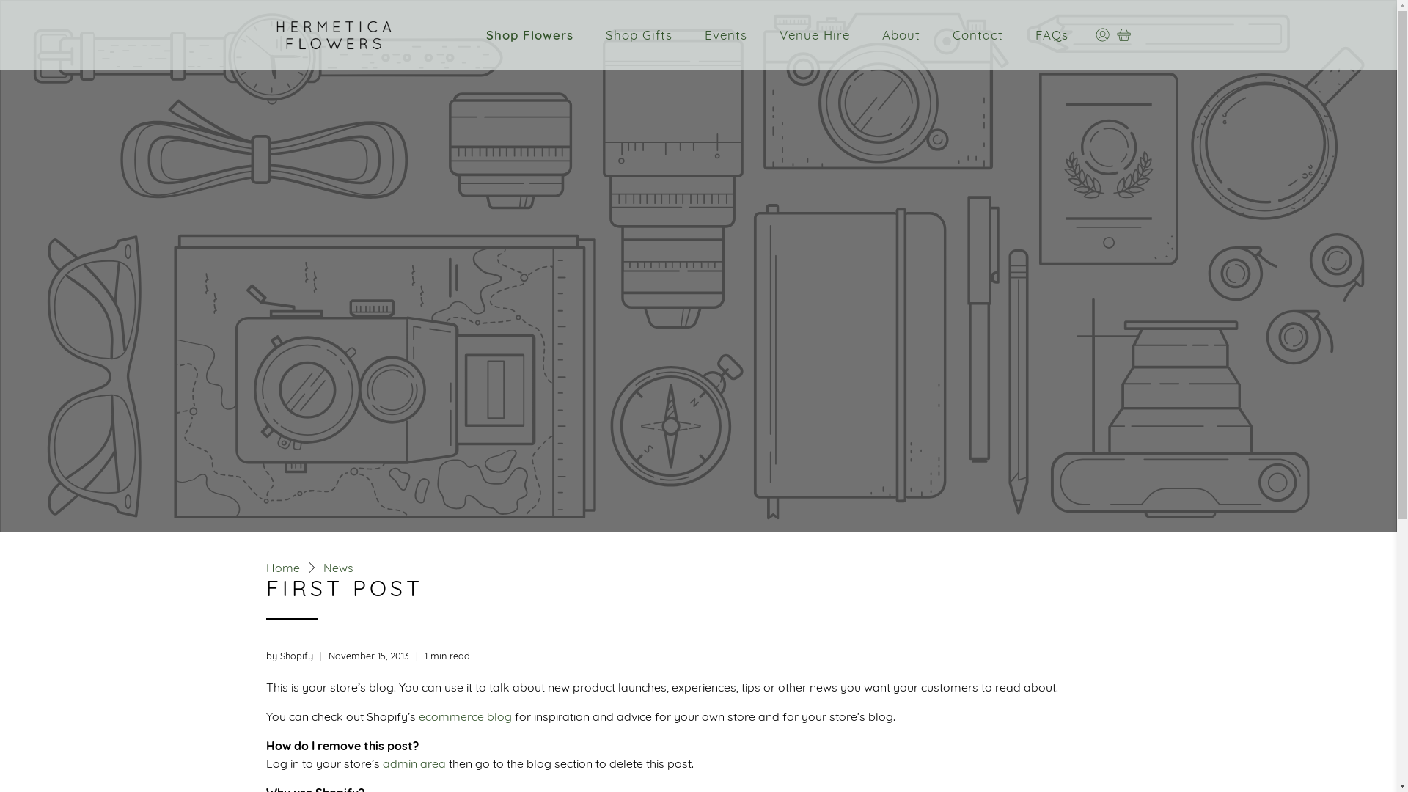 The height and width of the screenshot is (792, 1408). What do you see at coordinates (900, 34) in the screenshot?
I see `'About'` at bounding box center [900, 34].